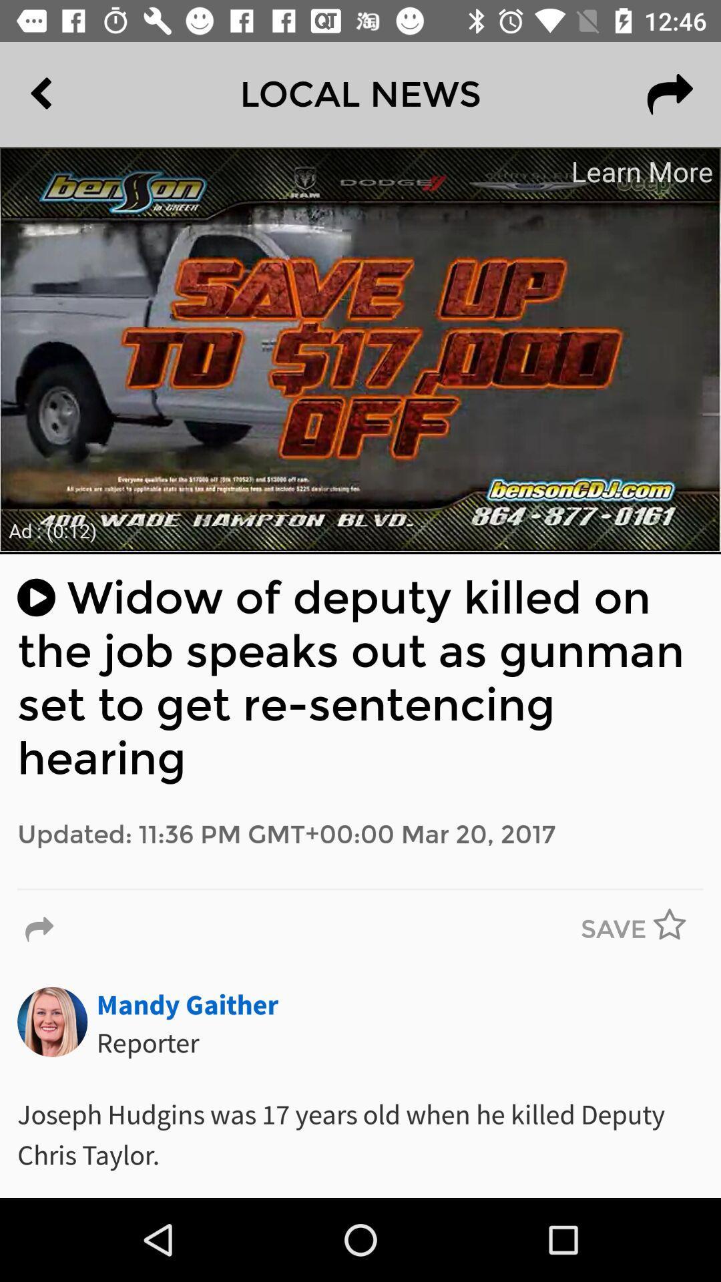  What do you see at coordinates (670, 93) in the screenshot?
I see `the redo icon` at bounding box center [670, 93].